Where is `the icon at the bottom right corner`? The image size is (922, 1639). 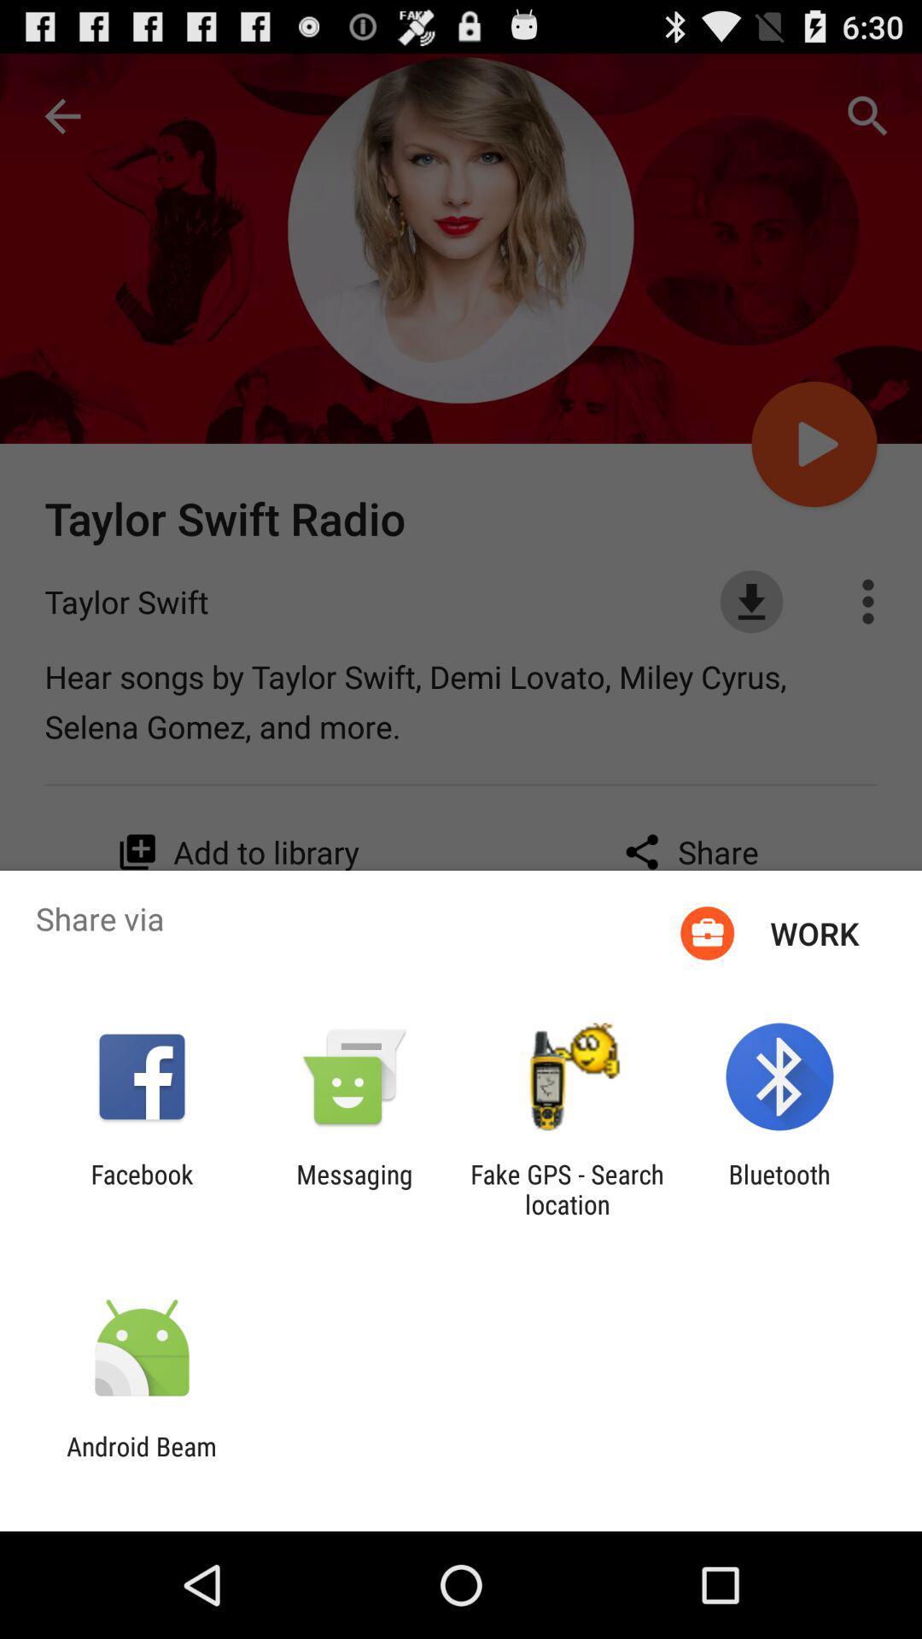
the icon at the bottom right corner is located at coordinates (779, 1188).